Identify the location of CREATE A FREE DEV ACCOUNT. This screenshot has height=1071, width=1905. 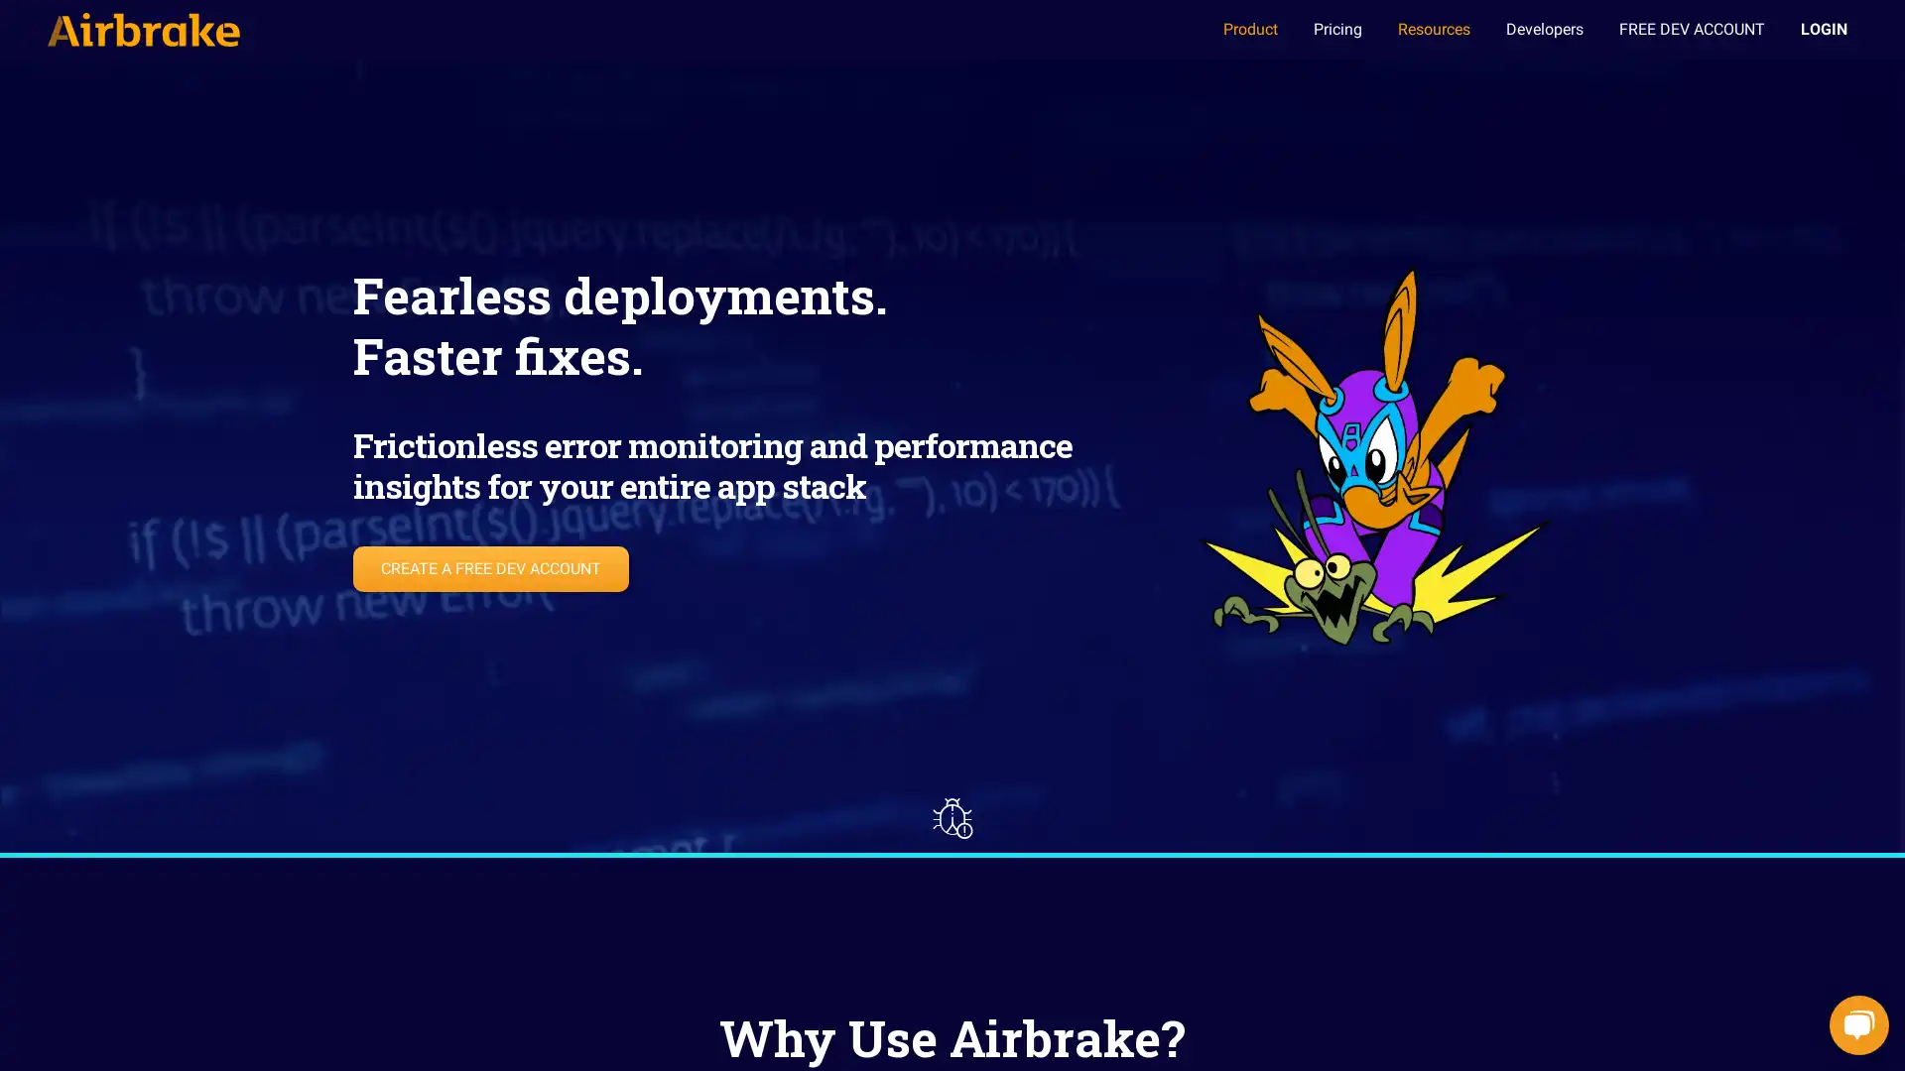
(490, 568).